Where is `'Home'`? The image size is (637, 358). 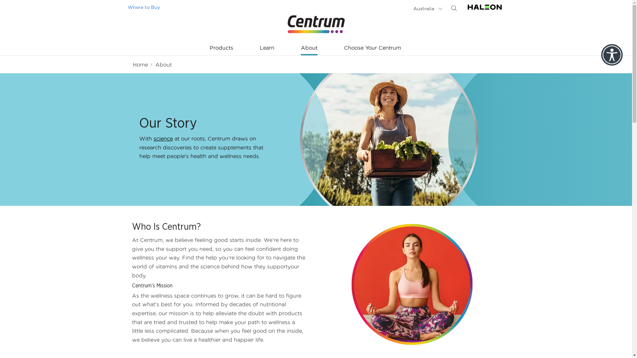 'Home' is located at coordinates (140, 65).